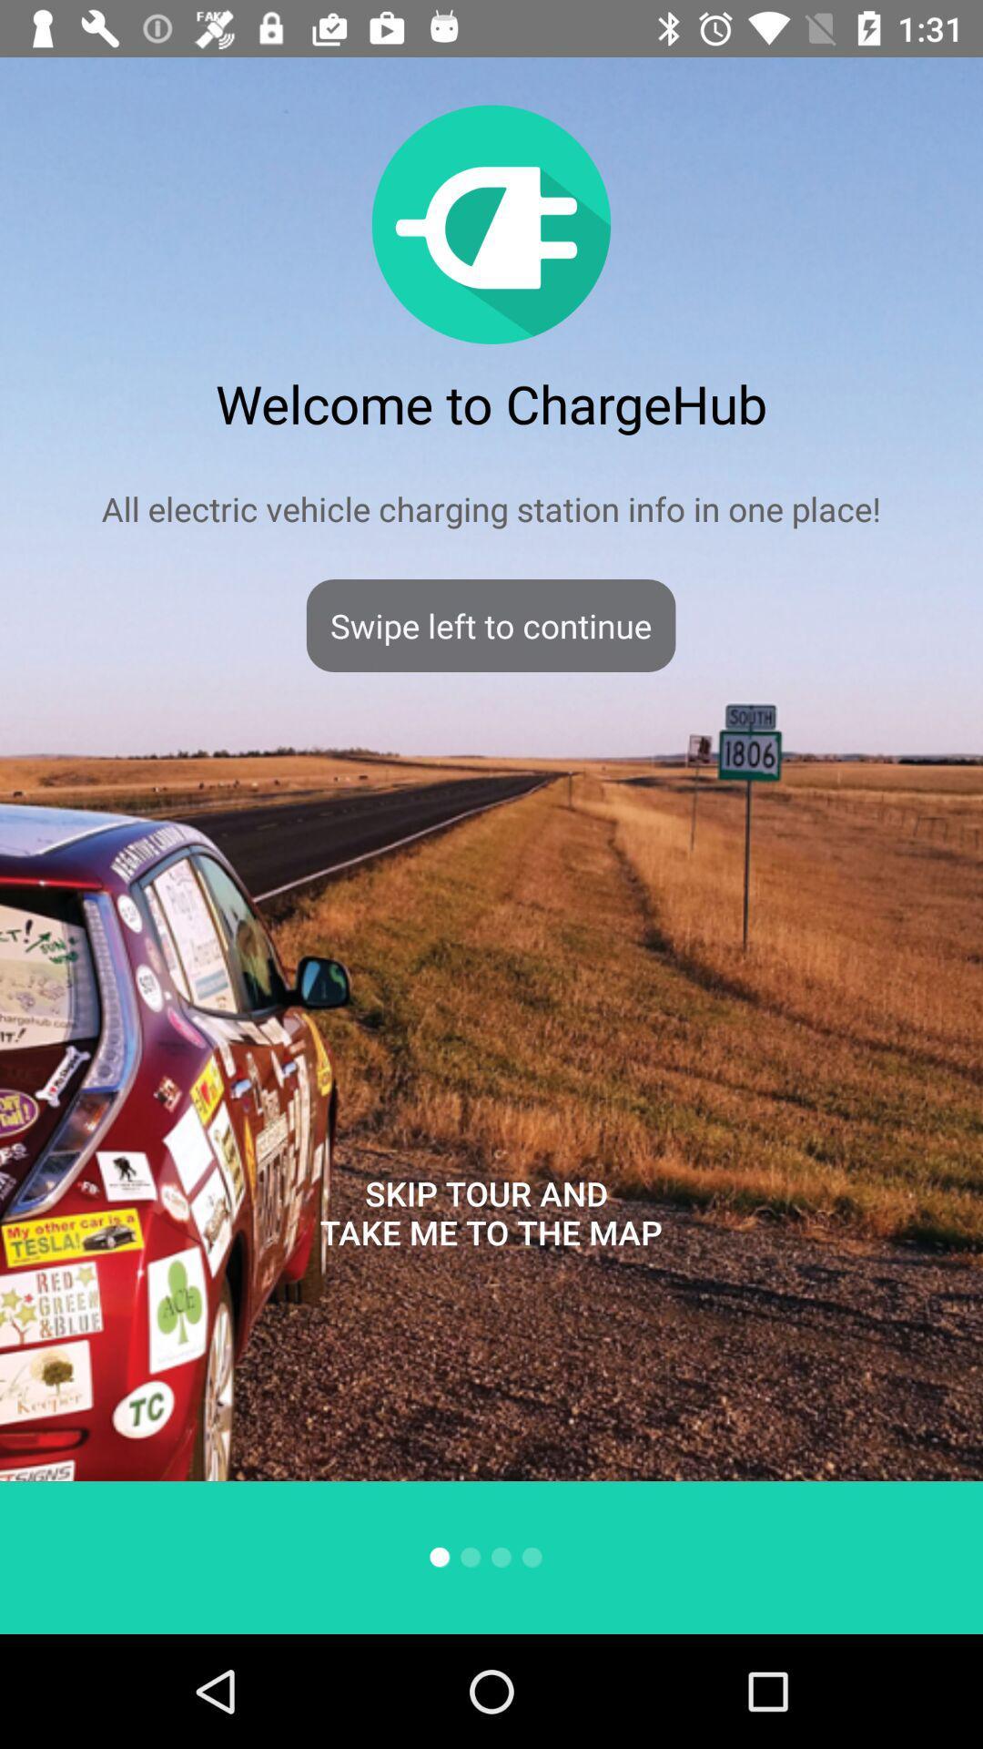 The width and height of the screenshot is (983, 1749). I want to click on skip tour and icon, so click(490, 1212).